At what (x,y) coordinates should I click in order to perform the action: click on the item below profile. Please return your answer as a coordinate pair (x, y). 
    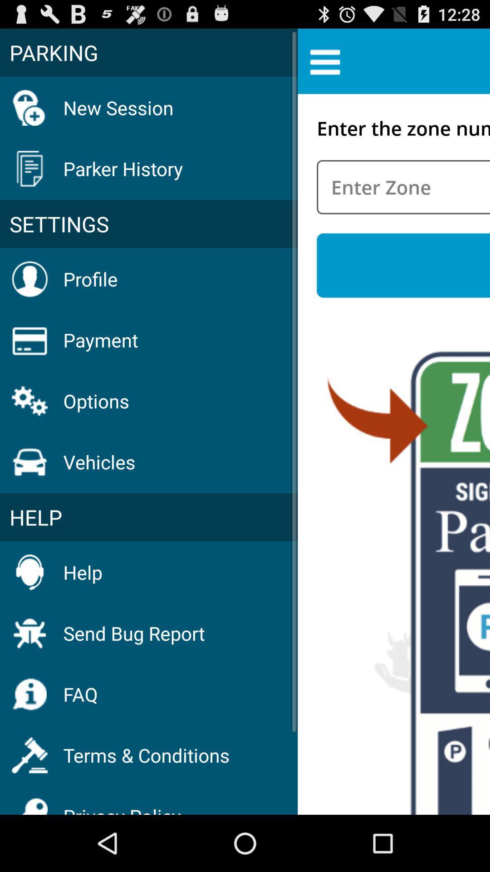
    Looking at the image, I should click on (101, 339).